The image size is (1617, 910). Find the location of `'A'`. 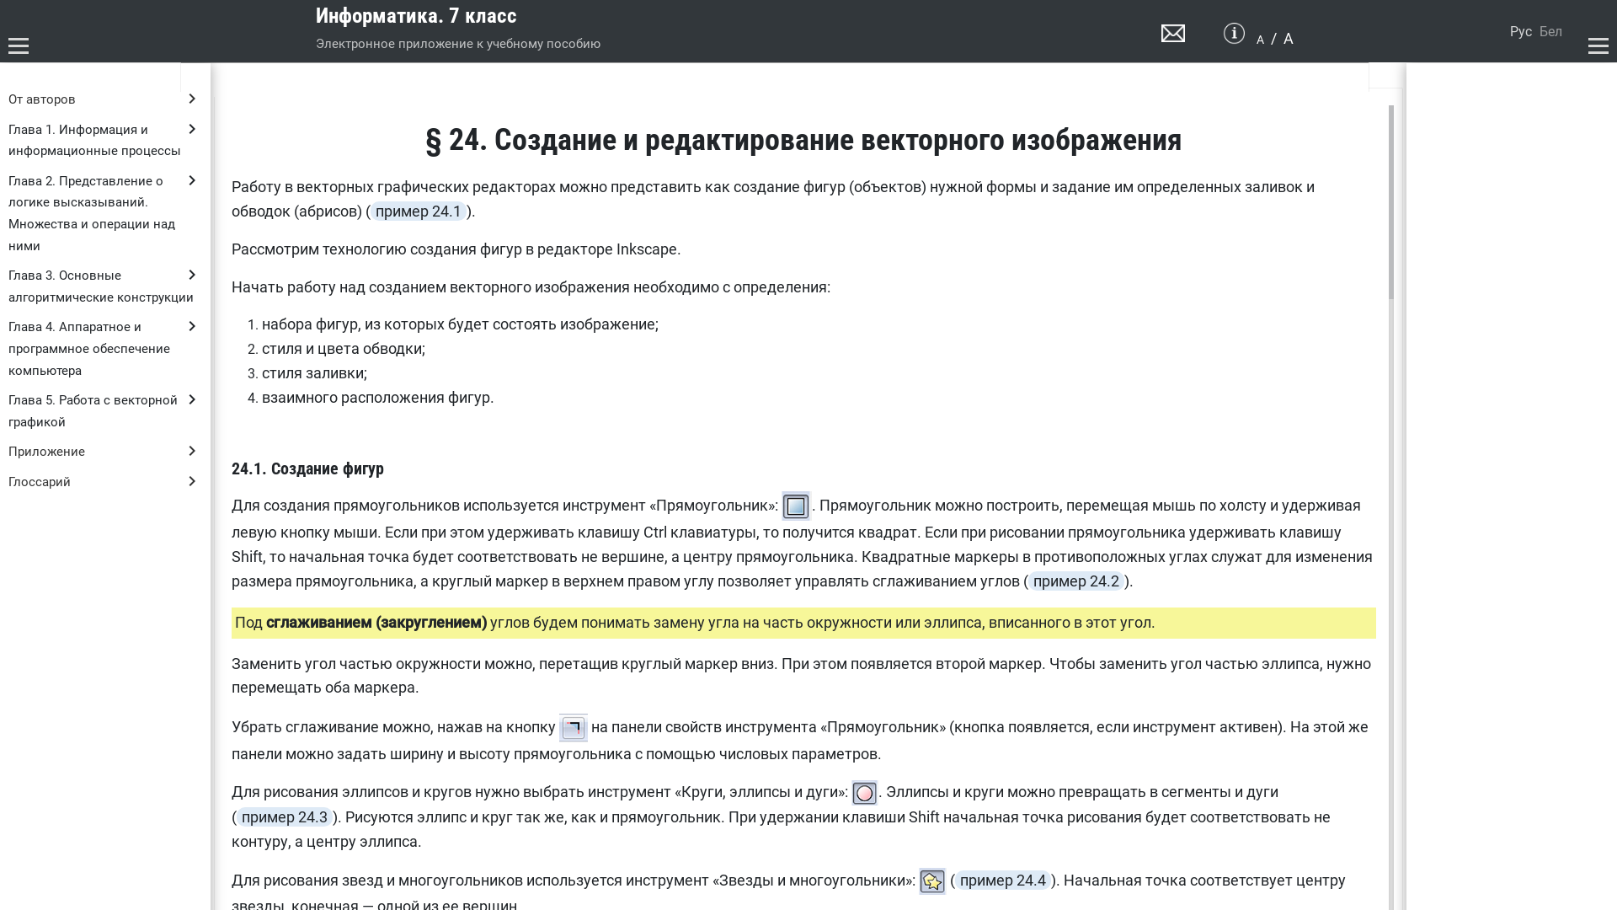

'A' is located at coordinates (1288, 38).